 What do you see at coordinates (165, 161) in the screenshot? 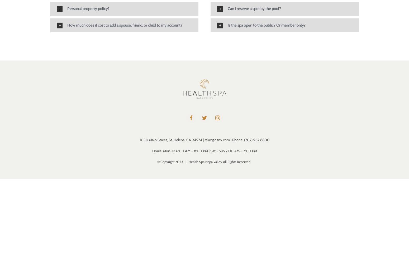
I see `'© Copyright'` at bounding box center [165, 161].